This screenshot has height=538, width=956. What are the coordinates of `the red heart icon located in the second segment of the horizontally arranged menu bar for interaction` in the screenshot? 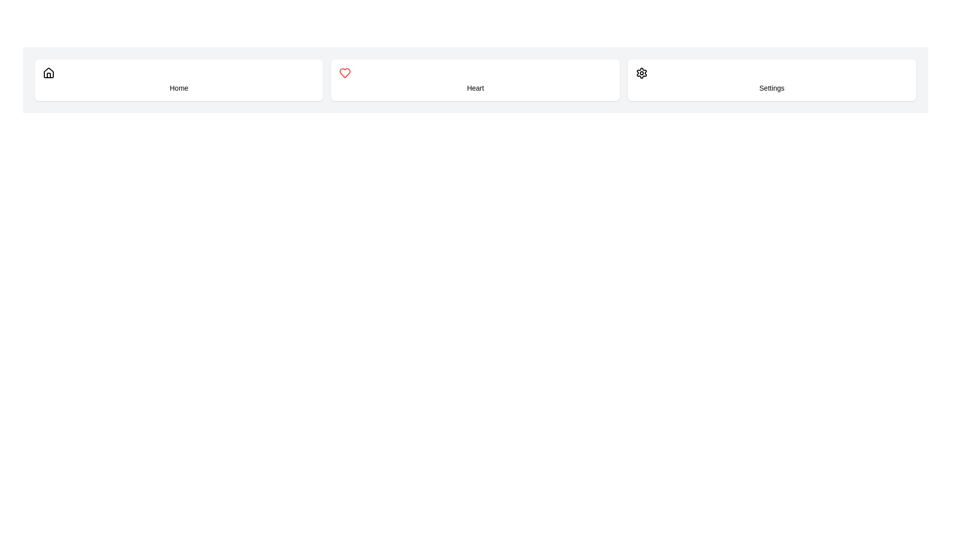 It's located at (345, 72).